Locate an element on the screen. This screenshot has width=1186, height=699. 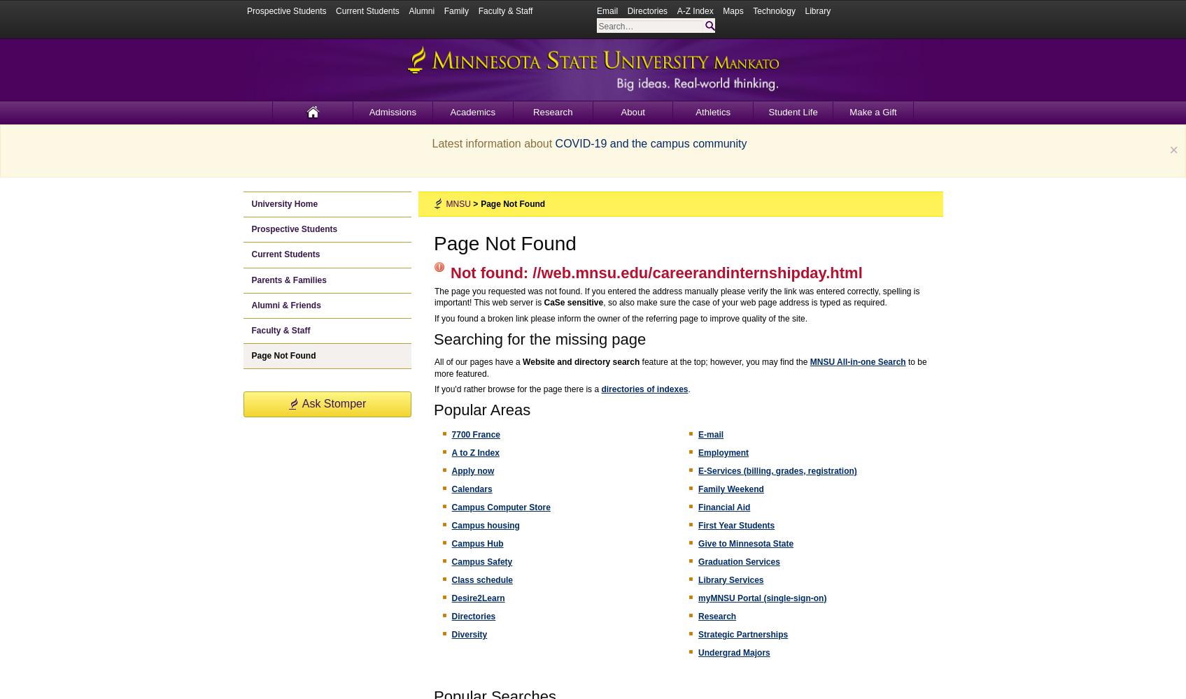
'Strategic Partnerships' is located at coordinates (742, 634).